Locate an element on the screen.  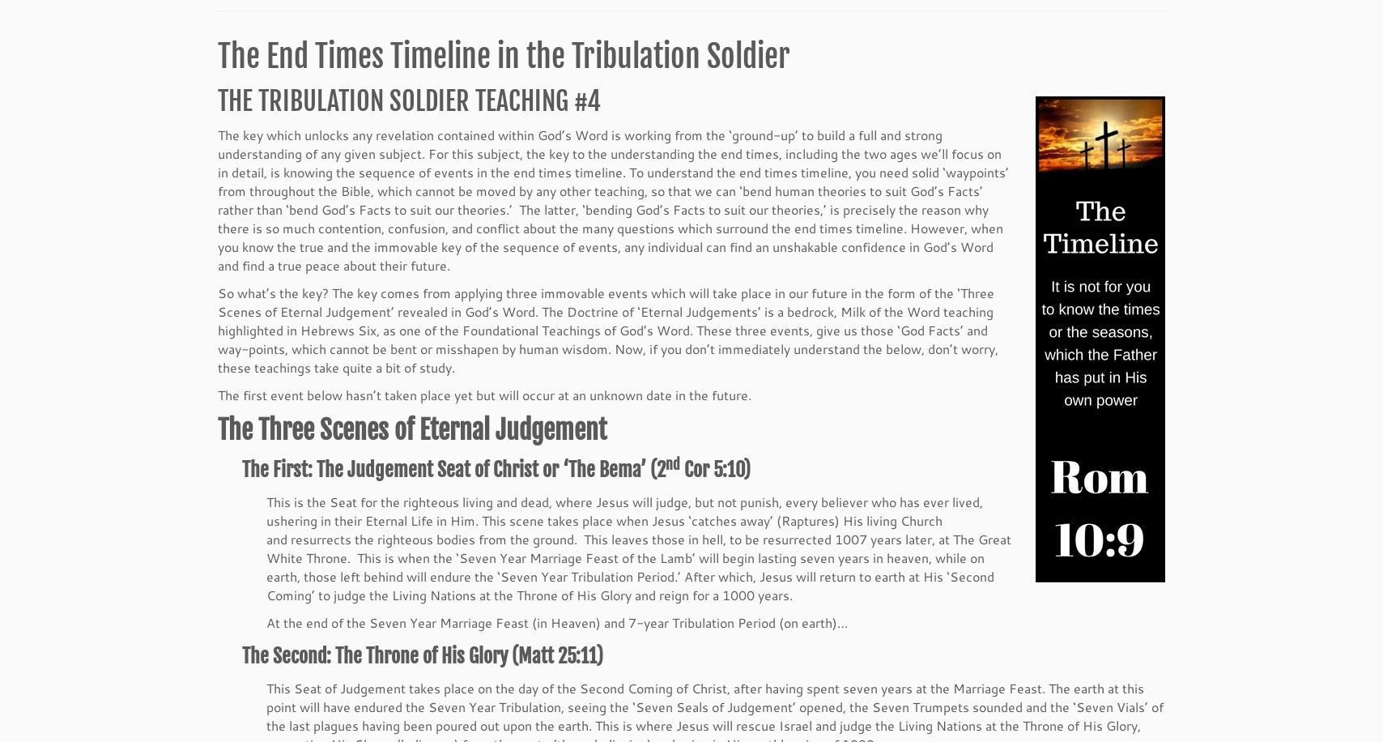
'The First: The Judgement Seat of Christ or ‘The Bema’ (2' is located at coordinates (453, 471).